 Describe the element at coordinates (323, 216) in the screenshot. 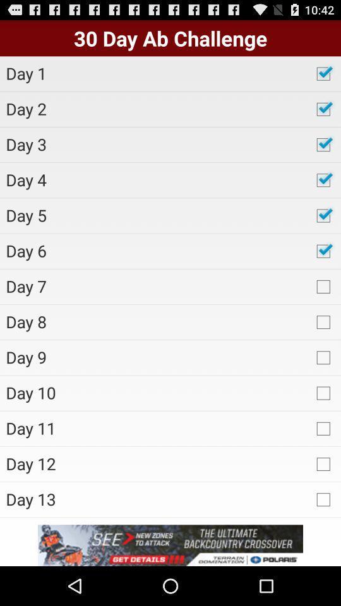

I see `the selected option to the right of day 5` at that location.